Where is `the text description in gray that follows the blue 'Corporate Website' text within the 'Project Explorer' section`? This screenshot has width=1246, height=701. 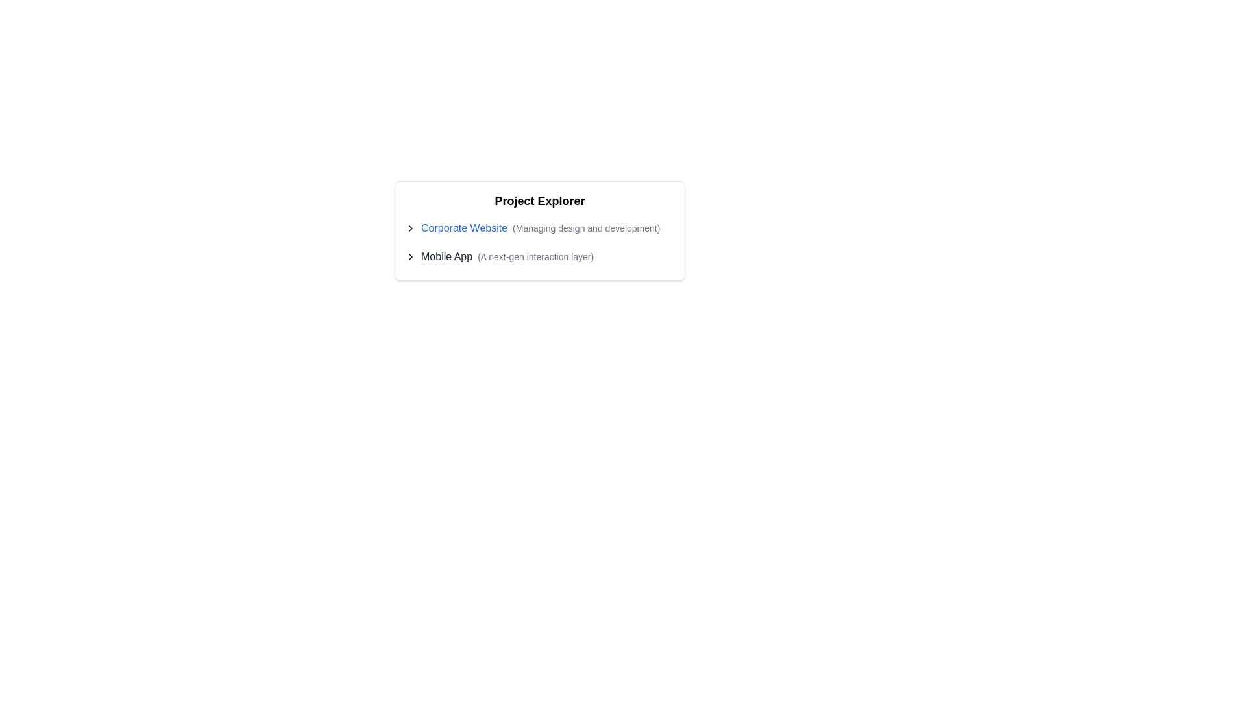
the text description in gray that follows the blue 'Corporate Website' text within the 'Project Explorer' section is located at coordinates (585, 227).